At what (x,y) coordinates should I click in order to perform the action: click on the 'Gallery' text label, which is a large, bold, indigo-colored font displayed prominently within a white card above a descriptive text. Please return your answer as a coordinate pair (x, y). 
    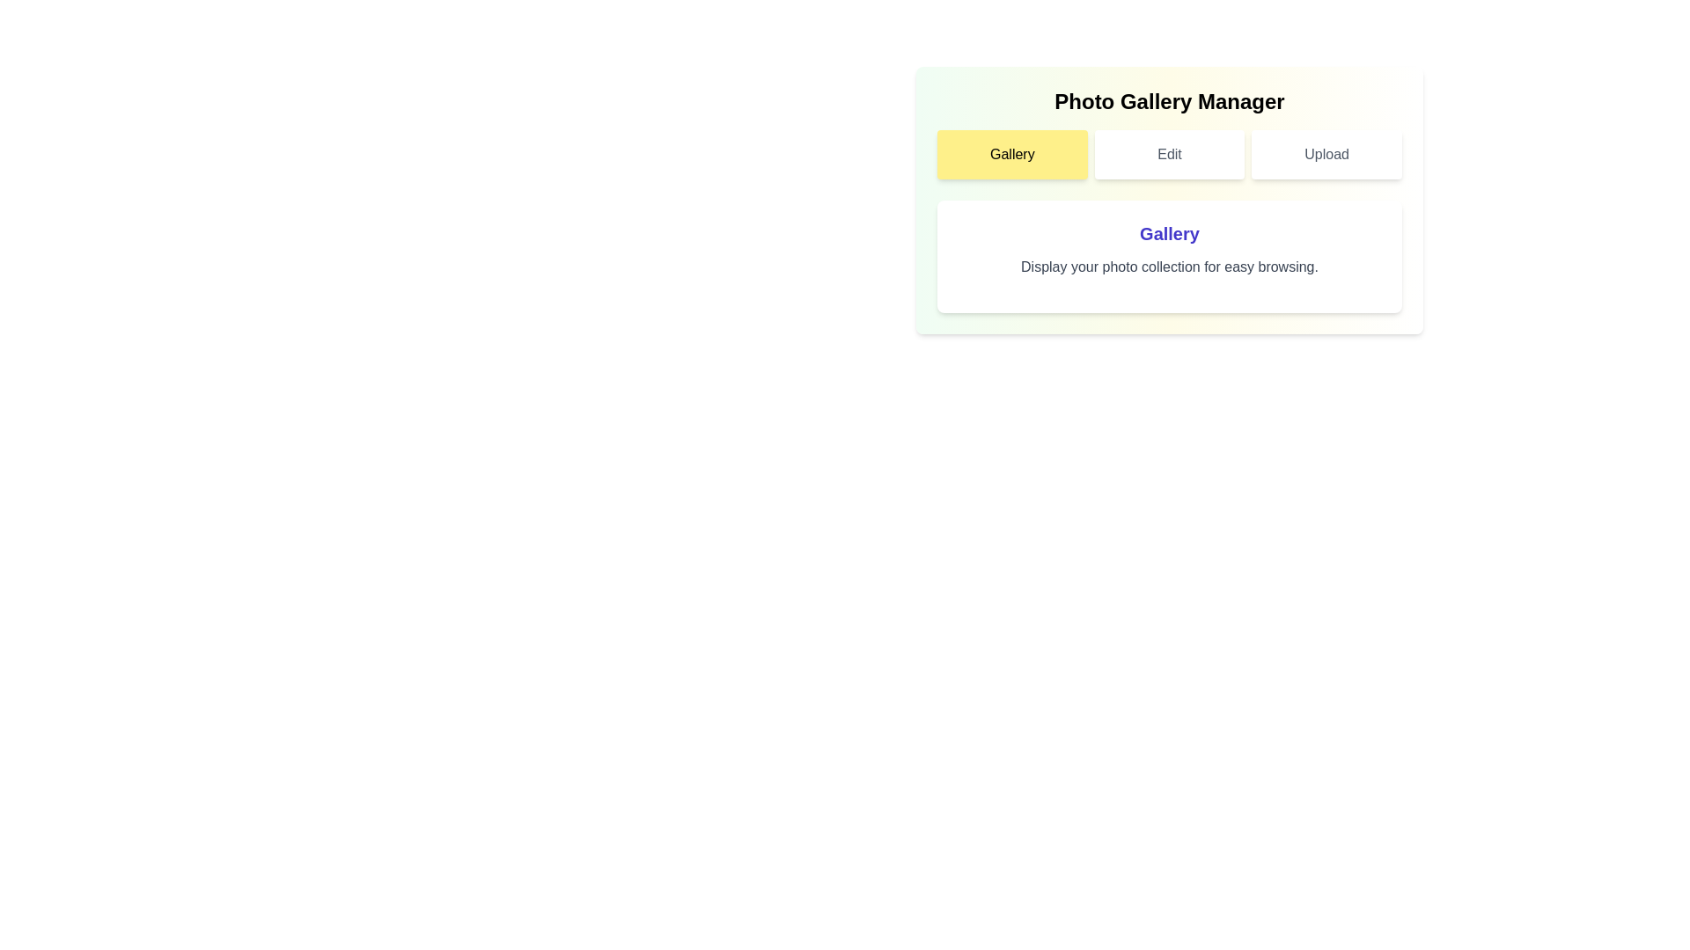
    Looking at the image, I should click on (1170, 233).